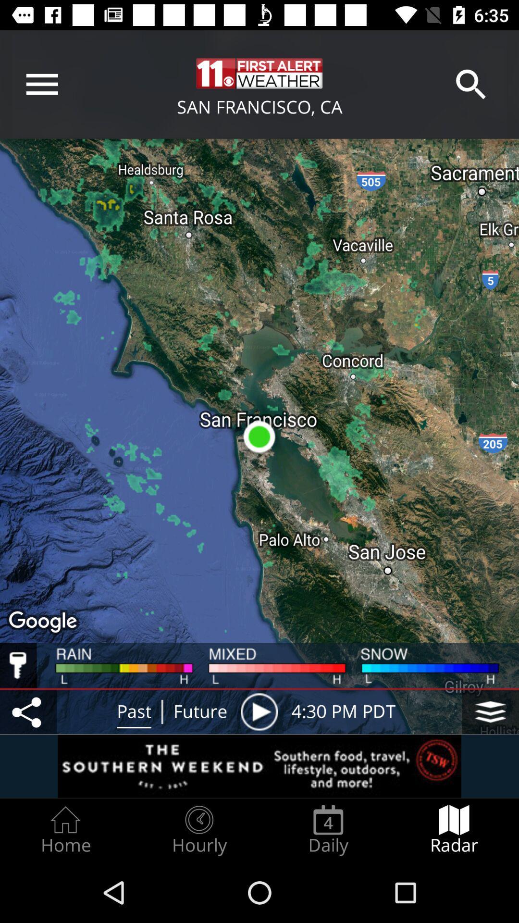  Describe the element at coordinates (259, 72) in the screenshot. I see `the text which is beside to search option` at that location.